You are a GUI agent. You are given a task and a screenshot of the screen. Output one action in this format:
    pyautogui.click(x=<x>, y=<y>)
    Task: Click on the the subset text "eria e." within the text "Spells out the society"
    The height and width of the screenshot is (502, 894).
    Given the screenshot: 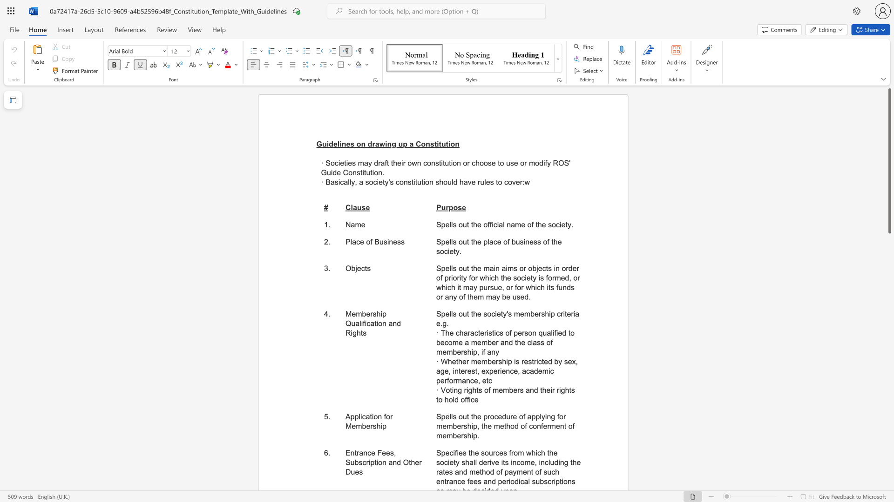 What is the action you would take?
    pyautogui.click(x=566, y=314)
    